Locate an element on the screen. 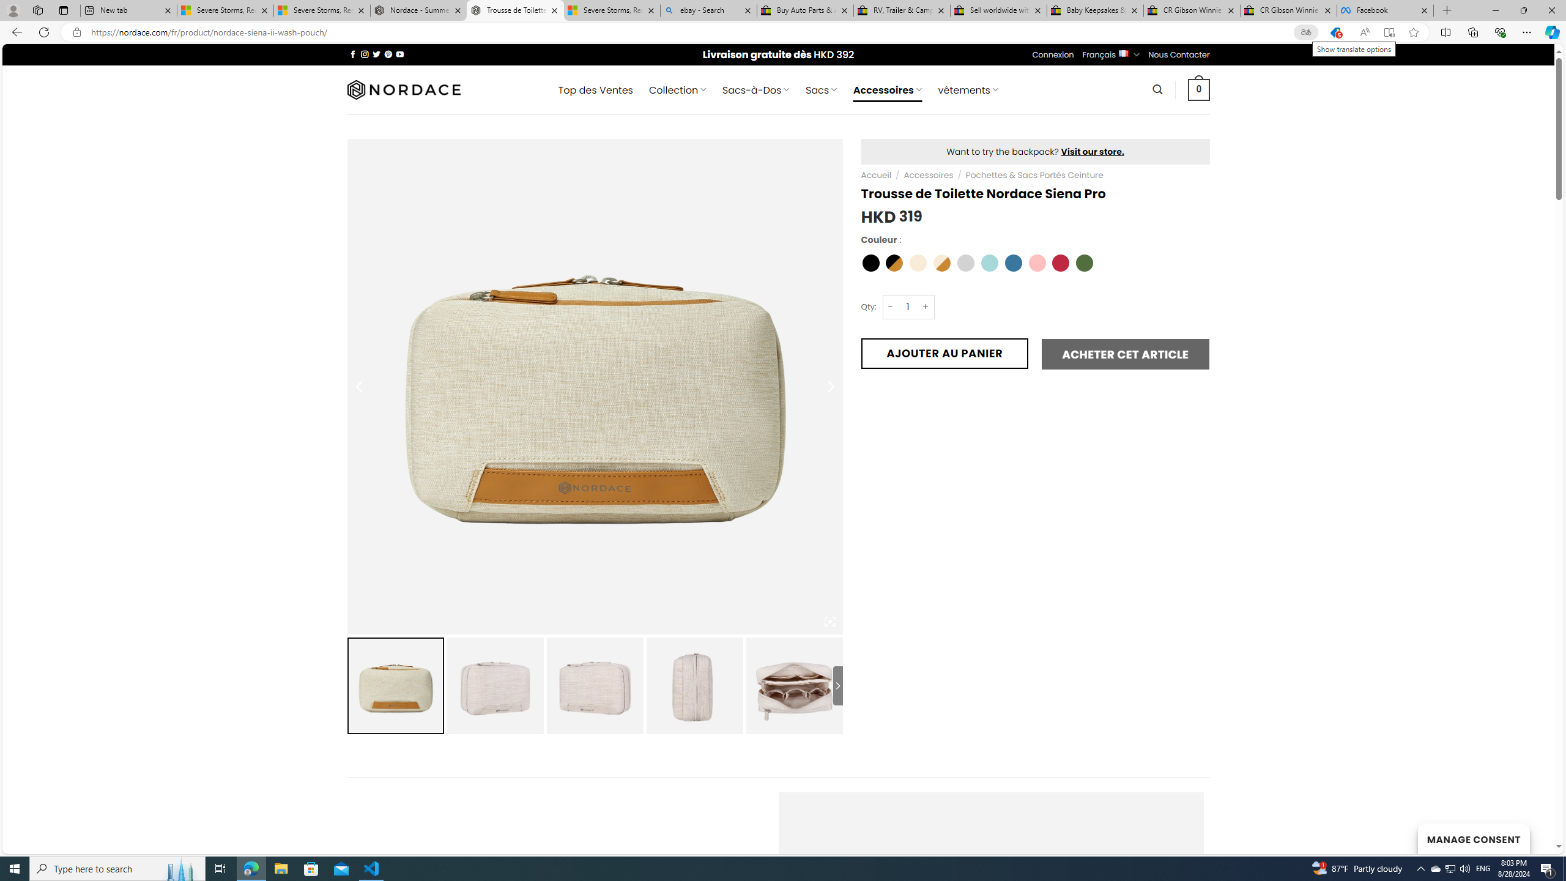 Image resolution: width=1566 pixels, height=881 pixels. 'Show translate options' is located at coordinates (1306, 32).